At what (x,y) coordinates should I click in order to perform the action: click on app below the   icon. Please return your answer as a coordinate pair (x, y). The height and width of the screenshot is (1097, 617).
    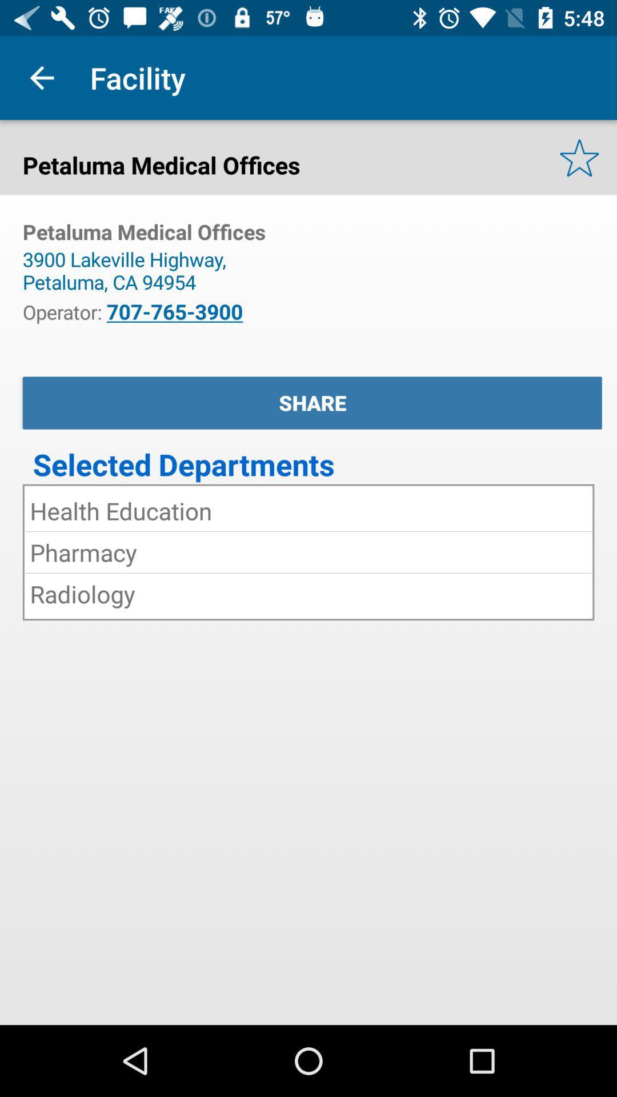
    Looking at the image, I should click on (312, 403).